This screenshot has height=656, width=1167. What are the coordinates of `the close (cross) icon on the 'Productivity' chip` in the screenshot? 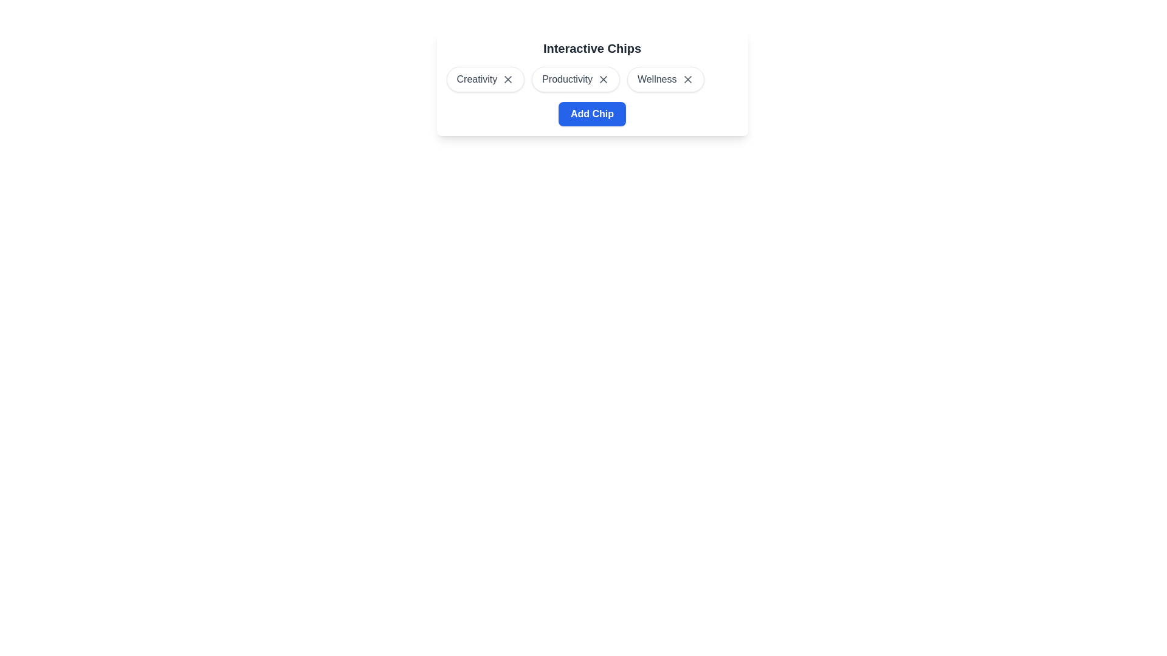 It's located at (603, 80).